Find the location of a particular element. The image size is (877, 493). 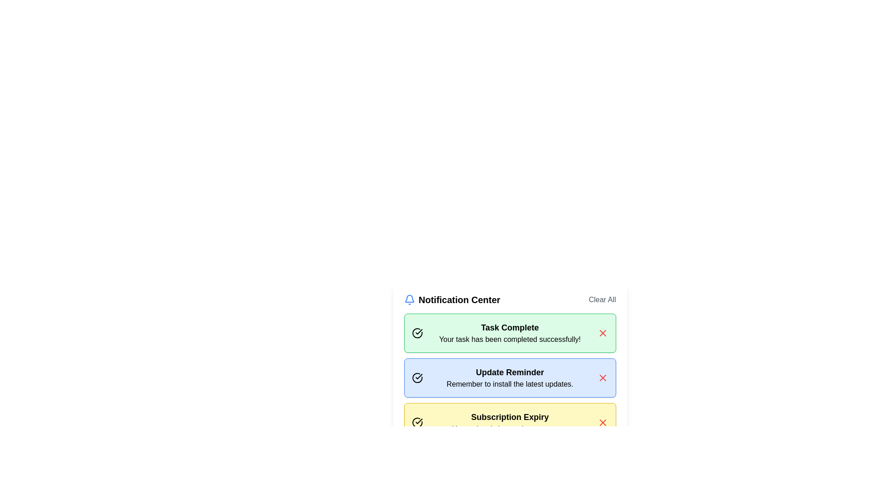

and comprehend the message displayed in the text block that informs the user about the expiration of their subscription, located near the lower part of the notifications panel is located at coordinates (509, 422).